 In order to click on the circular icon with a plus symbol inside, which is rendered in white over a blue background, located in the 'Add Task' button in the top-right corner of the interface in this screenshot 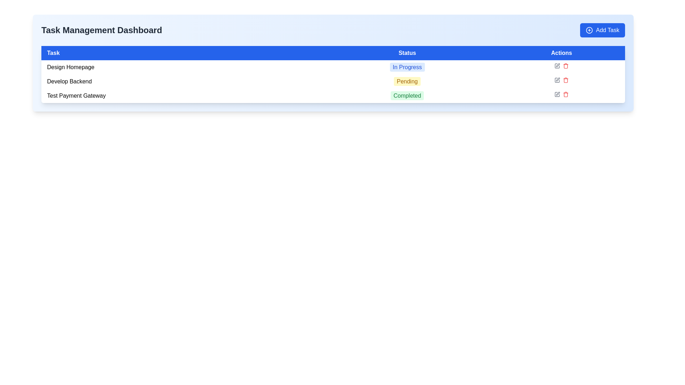, I will do `click(589, 30)`.